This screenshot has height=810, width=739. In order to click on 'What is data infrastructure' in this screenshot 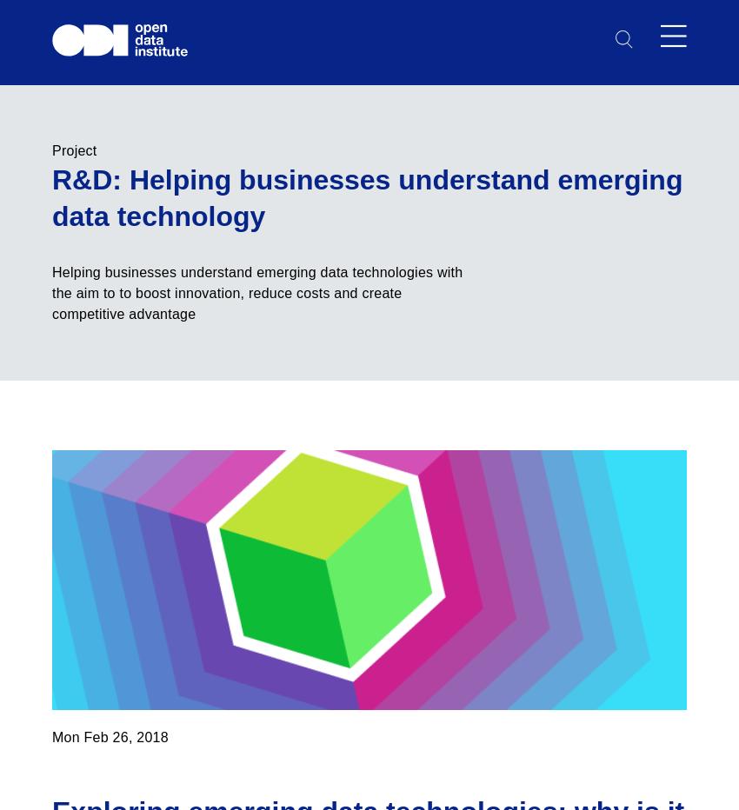, I will do `click(304, 564)`.